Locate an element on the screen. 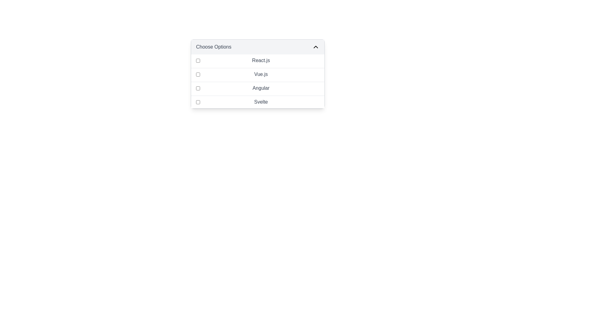 Image resolution: width=591 pixels, height=332 pixels. the checkbox for the 'Svelte' option in the dropdown menu, which is located to the left of its text label is located at coordinates (198, 101).